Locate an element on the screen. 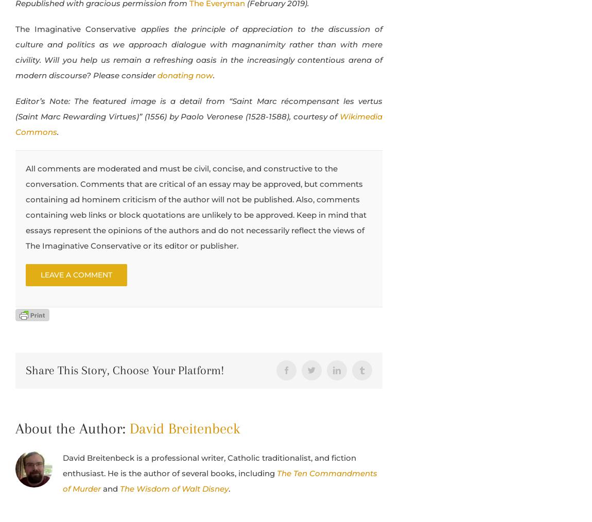 Image resolution: width=592 pixels, height=522 pixels. 'Leave a Comment' is located at coordinates (76, 273).